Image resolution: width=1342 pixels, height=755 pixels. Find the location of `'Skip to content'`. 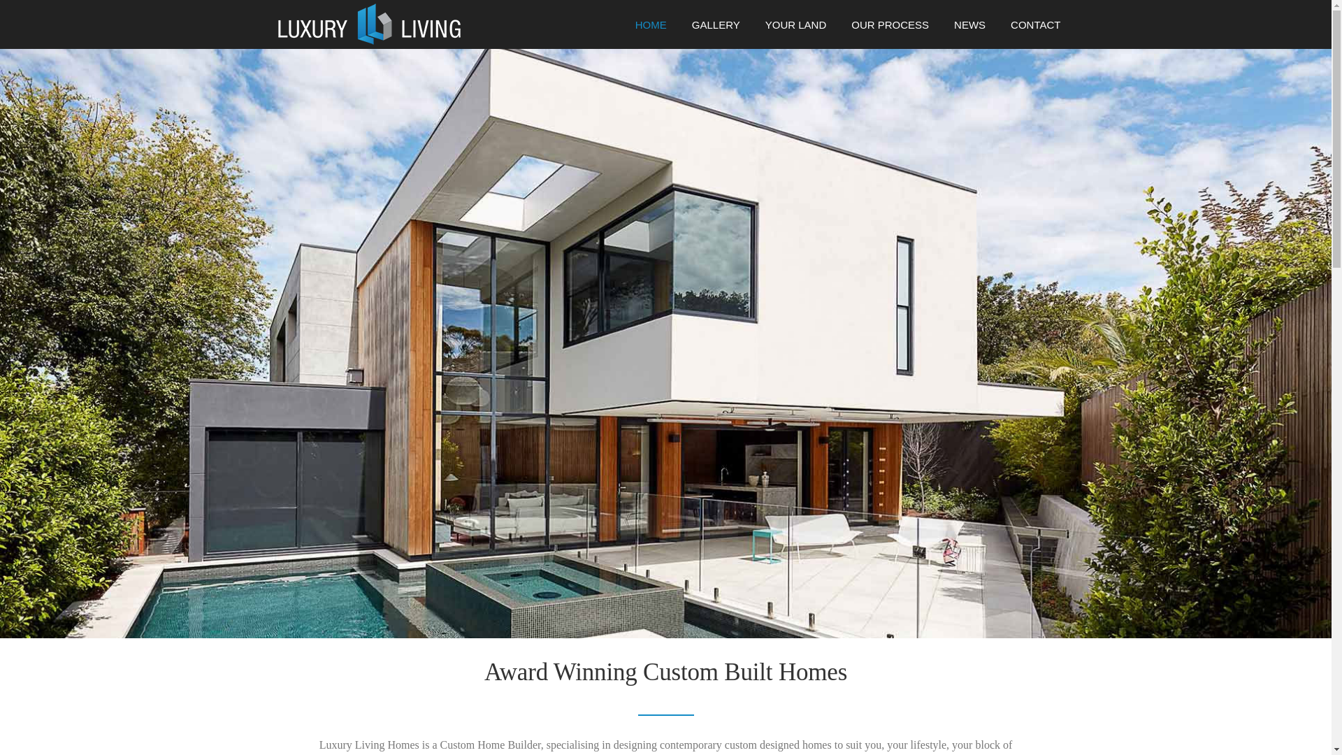

'Skip to content' is located at coordinates (34, 9).